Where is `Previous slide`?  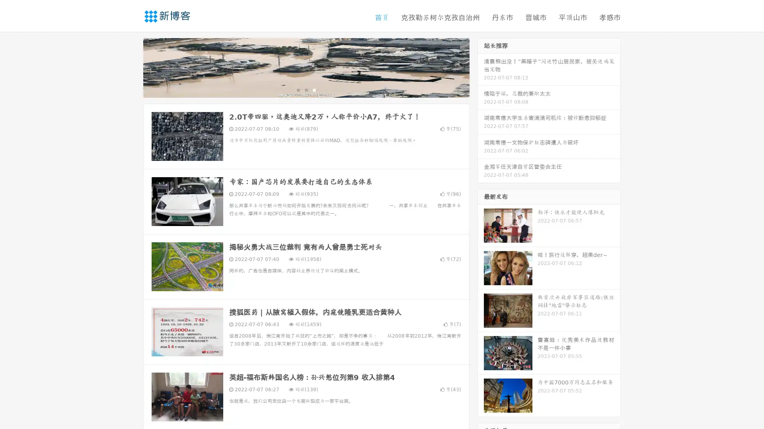 Previous slide is located at coordinates (131, 67).